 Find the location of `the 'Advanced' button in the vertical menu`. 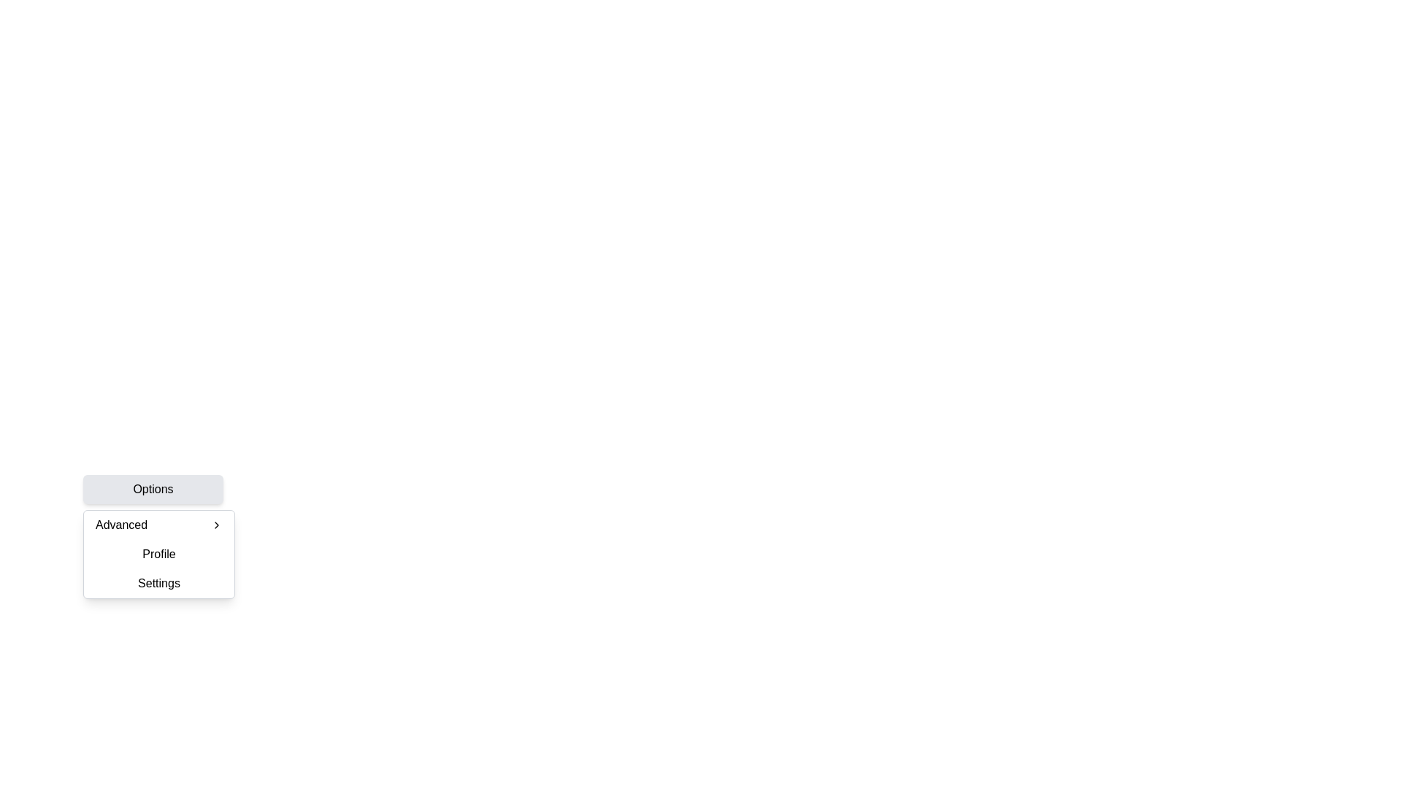

the 'Advanced' button in the vertical menu is located at coordinates (158, 525).